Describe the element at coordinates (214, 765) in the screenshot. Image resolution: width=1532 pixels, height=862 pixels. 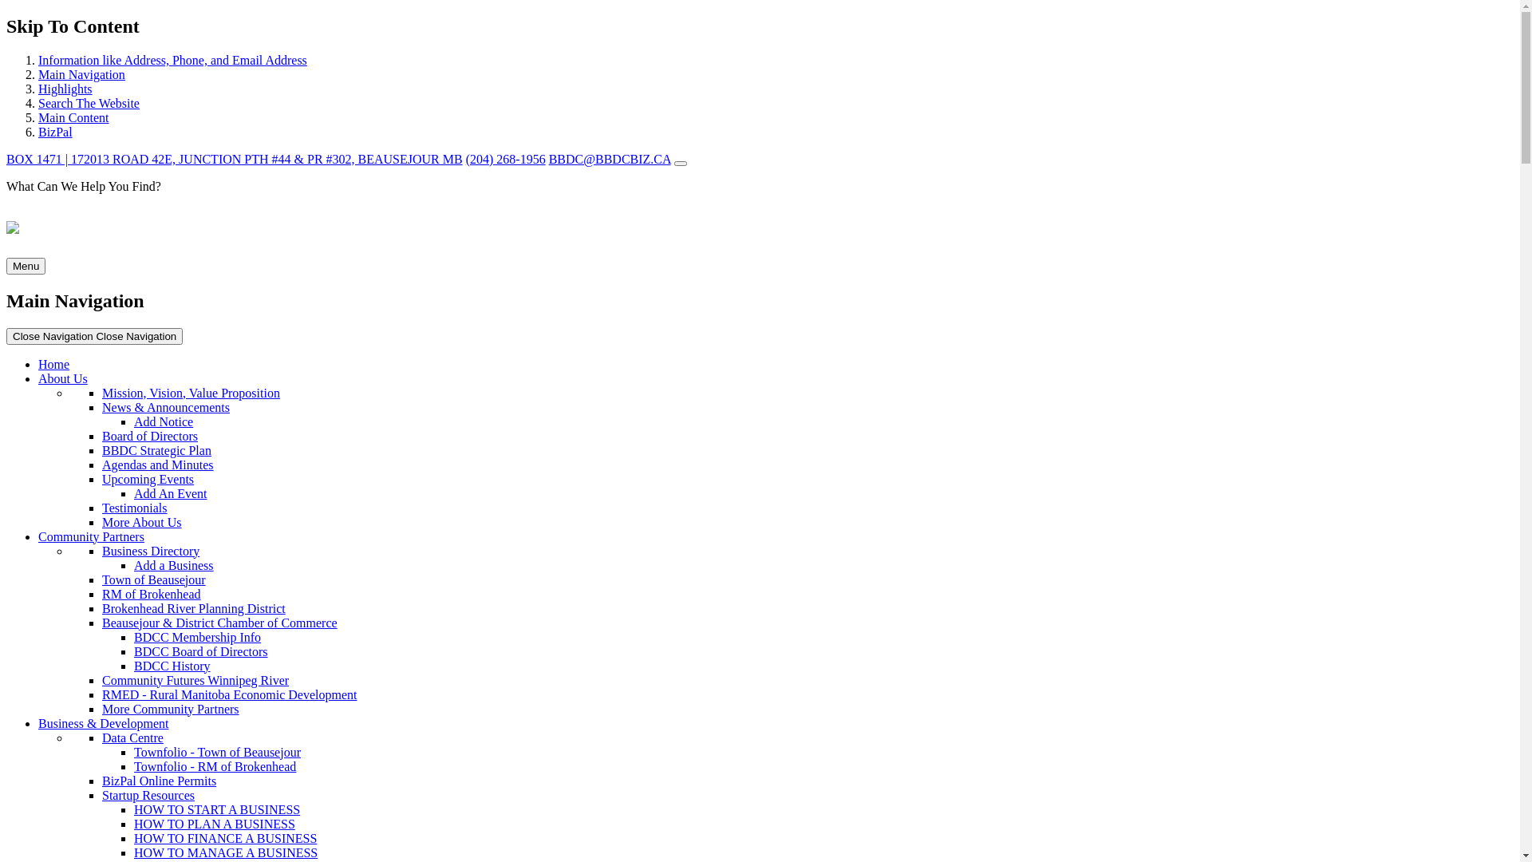
I see `'Townfolio - RM of Brokenhead'` at that location.